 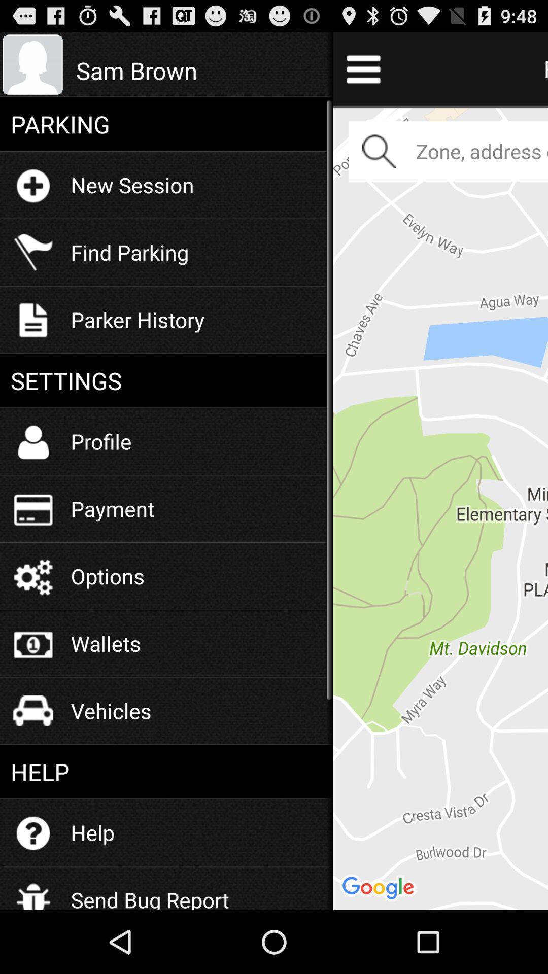 I want to click on icon on the right, so click(x=440, y=507).